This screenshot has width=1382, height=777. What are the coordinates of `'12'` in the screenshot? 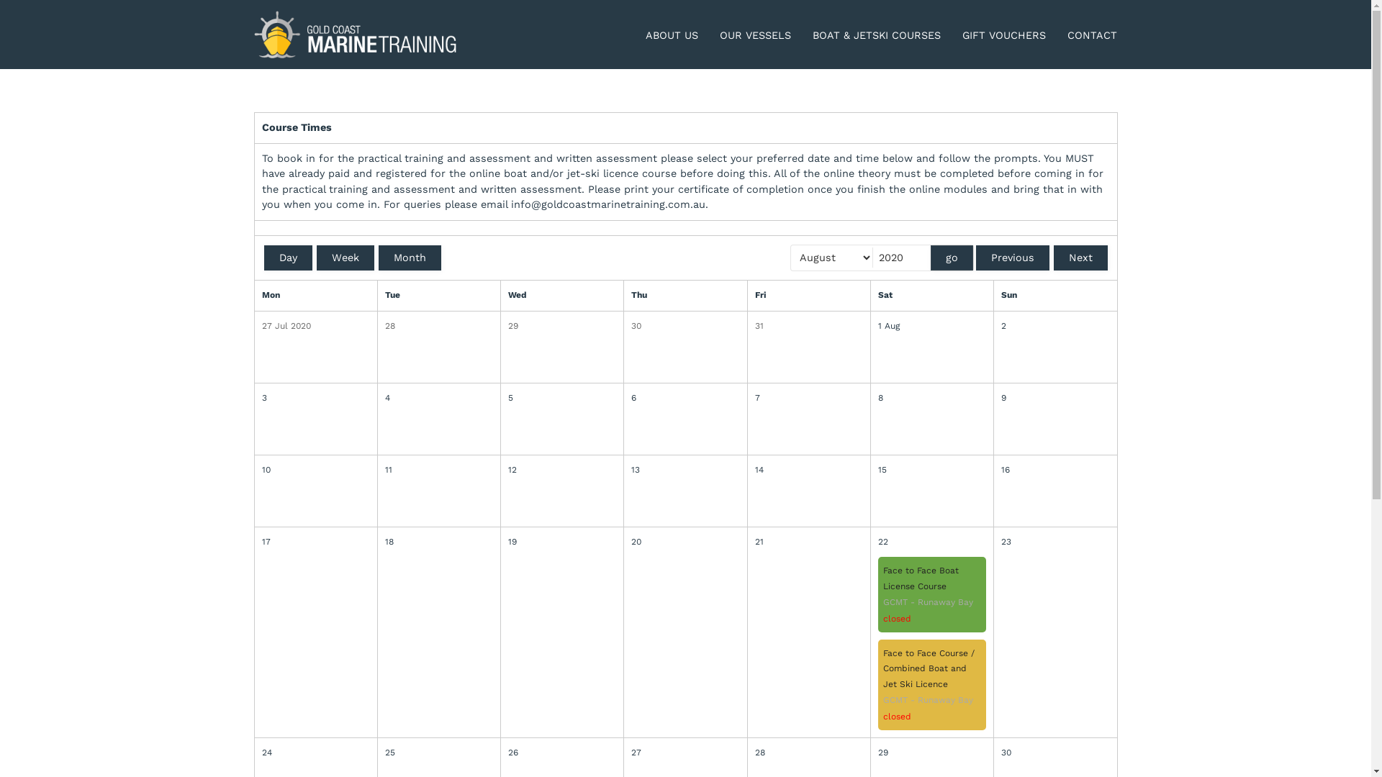 It's located at (507, 471).